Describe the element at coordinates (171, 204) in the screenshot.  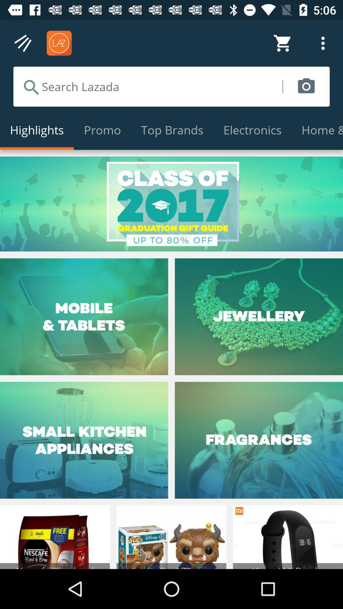
I see `promotion` at that location.